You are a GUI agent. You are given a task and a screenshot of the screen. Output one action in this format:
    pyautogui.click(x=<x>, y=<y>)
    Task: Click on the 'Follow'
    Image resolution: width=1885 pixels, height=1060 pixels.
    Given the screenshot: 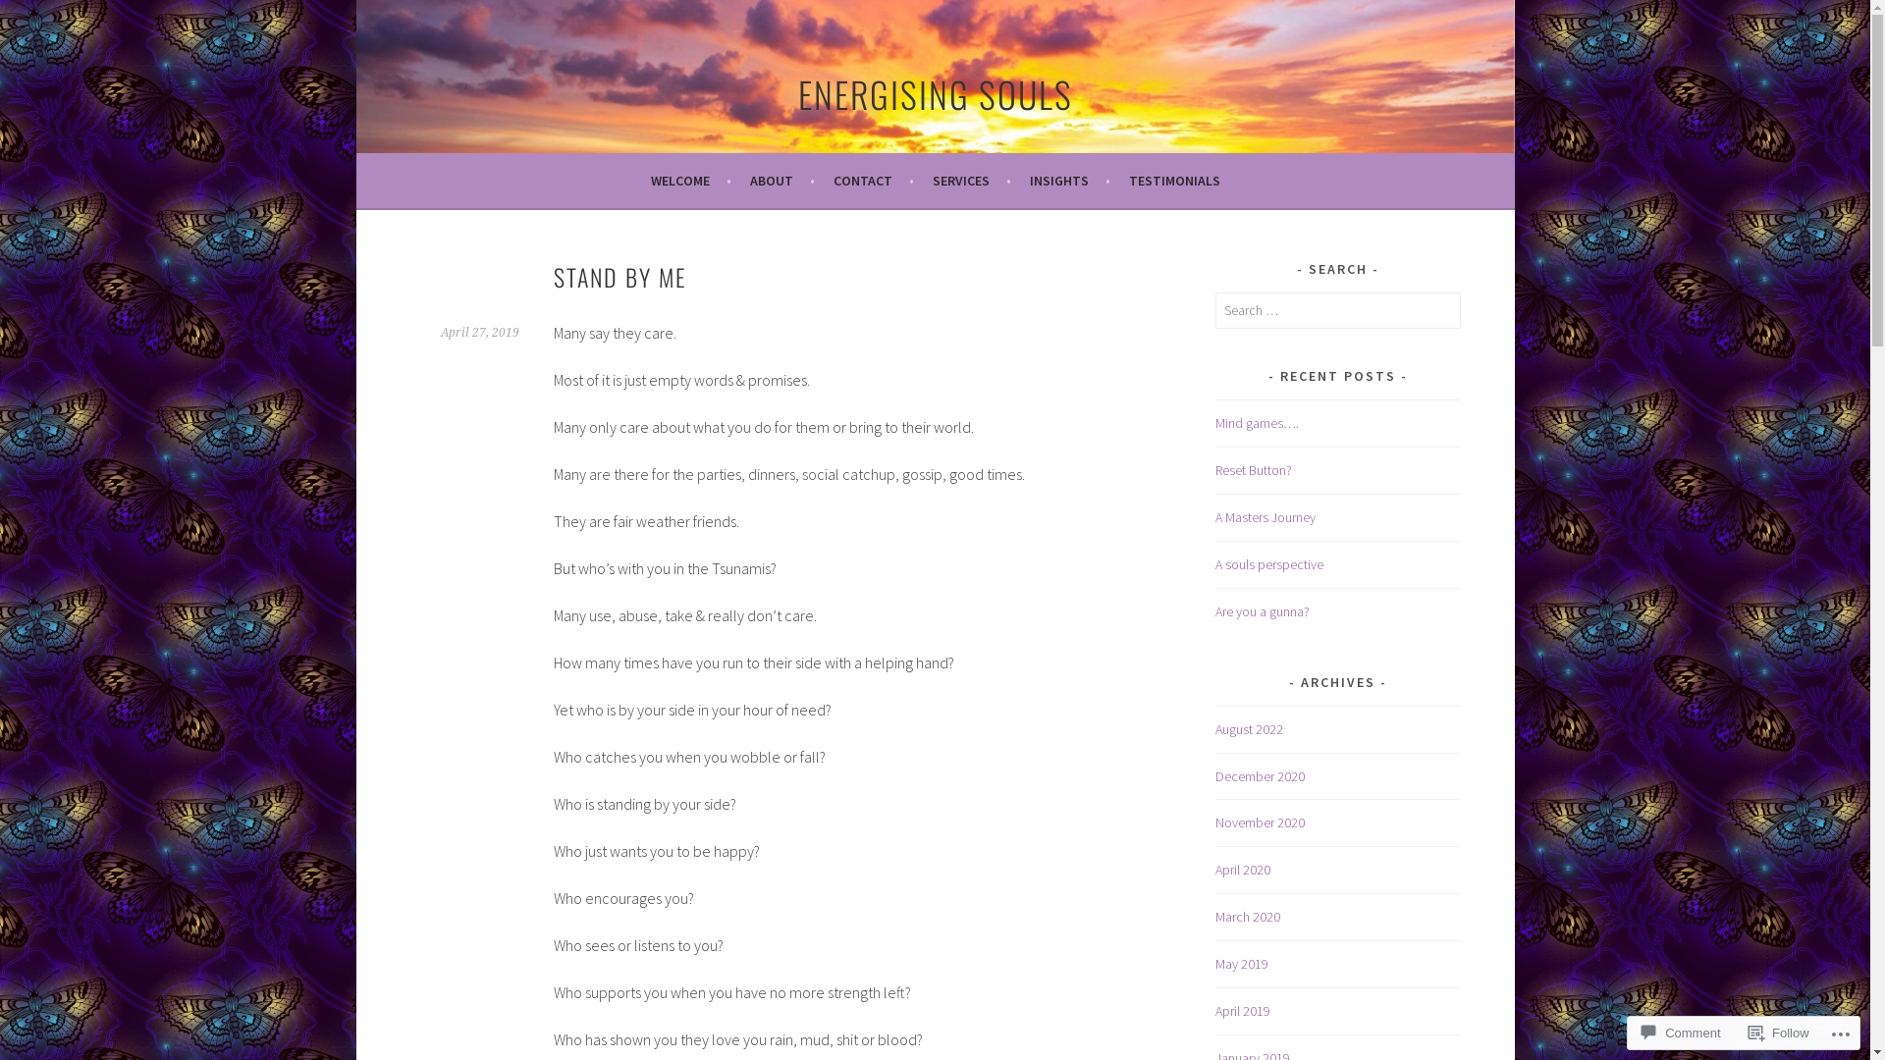 What is the action you would take?
    pyautogui.click(x=1779, y=1032)
    